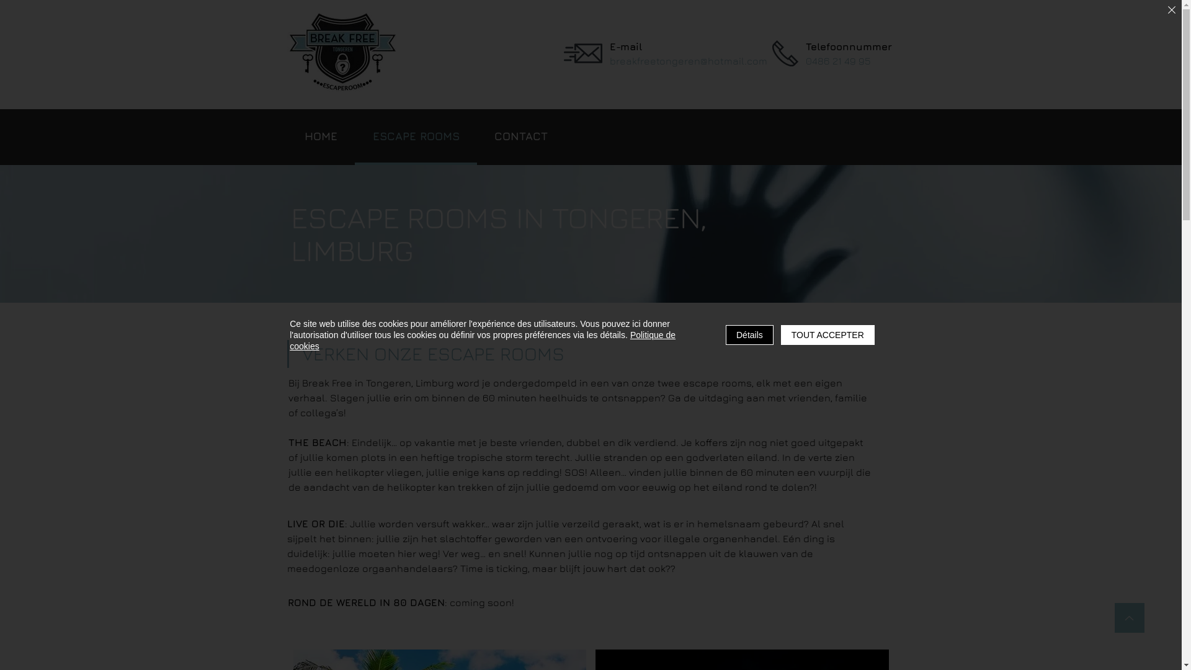 The image size is (1191, 670). I want to click on 'CONTACT', so click(521, 136).